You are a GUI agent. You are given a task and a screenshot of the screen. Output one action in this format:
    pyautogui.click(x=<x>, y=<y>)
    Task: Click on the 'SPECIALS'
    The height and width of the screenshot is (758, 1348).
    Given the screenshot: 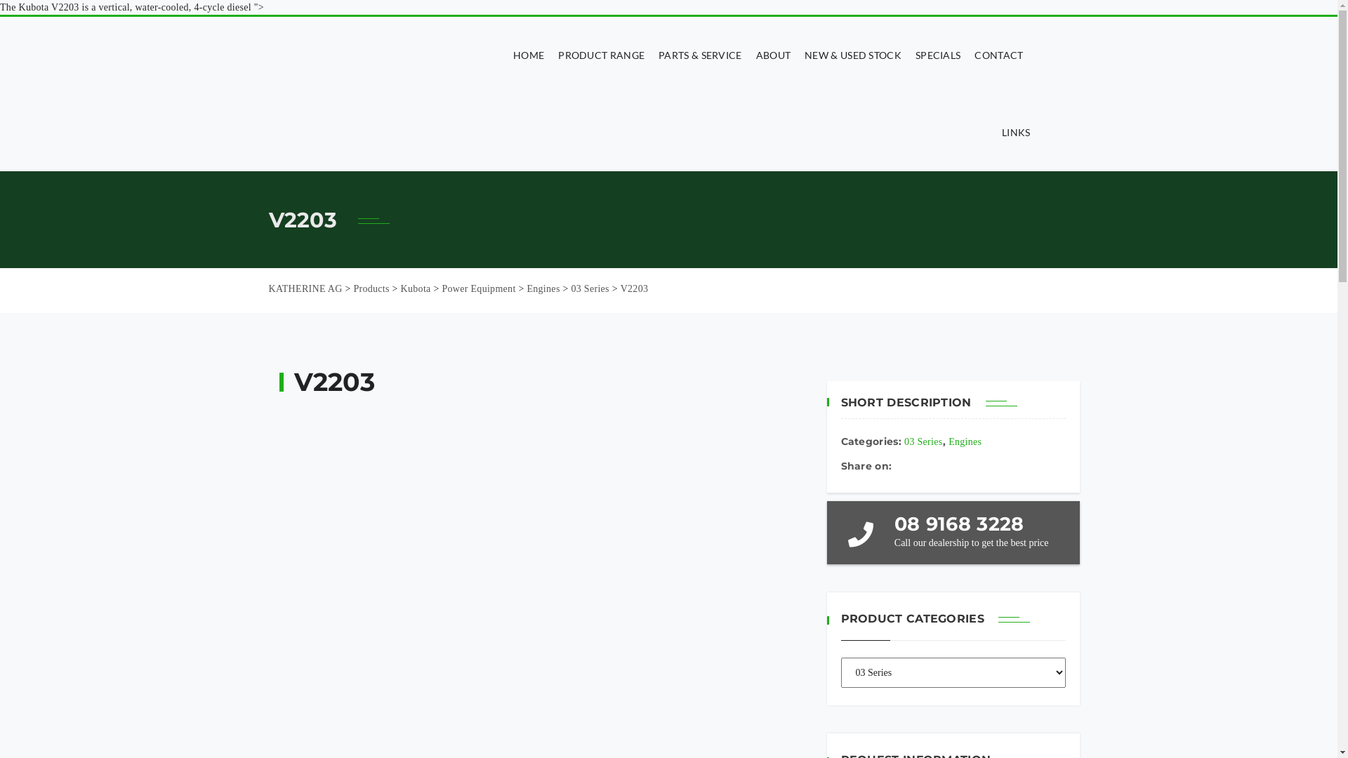 What is the action you would take?
    pyautogui.click(x=937, y=54)
    